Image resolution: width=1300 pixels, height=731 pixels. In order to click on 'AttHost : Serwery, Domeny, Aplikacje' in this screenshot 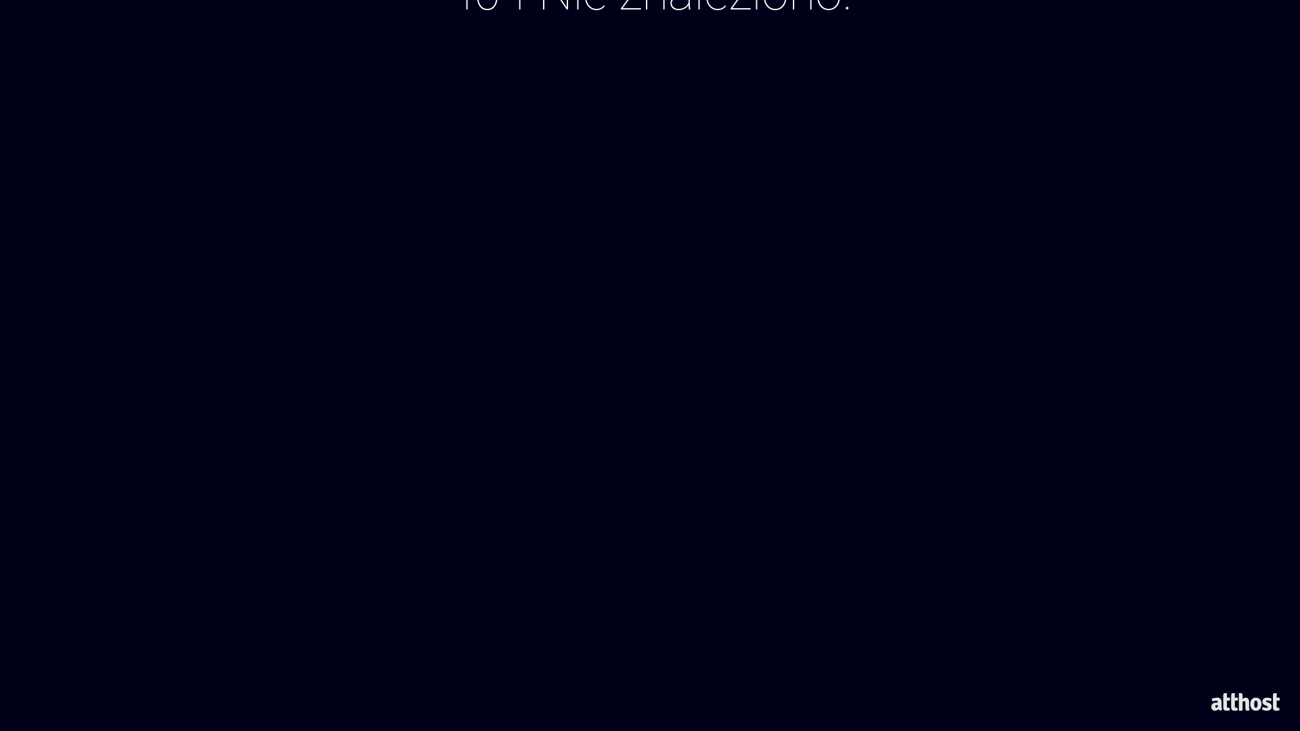, I will do `click(1245, 701)`.